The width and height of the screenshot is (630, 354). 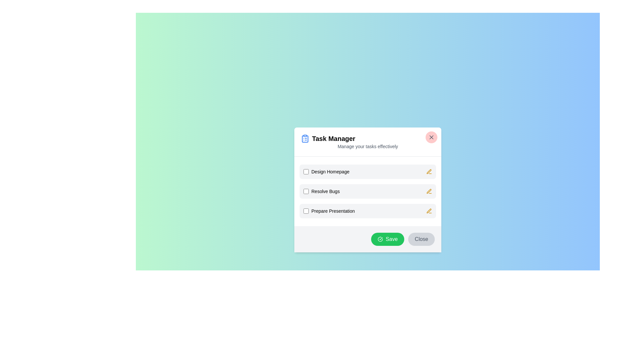 What do you see at coordinates (431, 137) in the screenshot?
I see `the 'X' icon in the top-right corner of the 'Task Manager' window` at bounding box center [431, 137].